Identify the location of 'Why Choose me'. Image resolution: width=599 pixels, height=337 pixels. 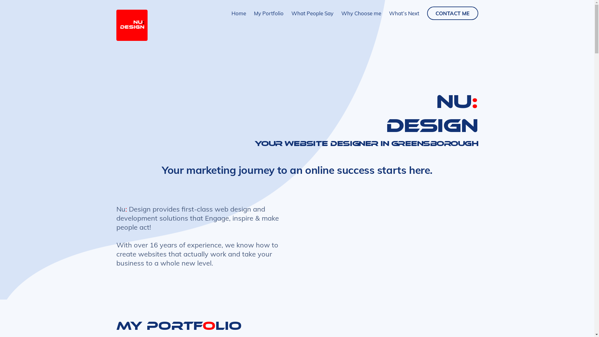
(361, 13).